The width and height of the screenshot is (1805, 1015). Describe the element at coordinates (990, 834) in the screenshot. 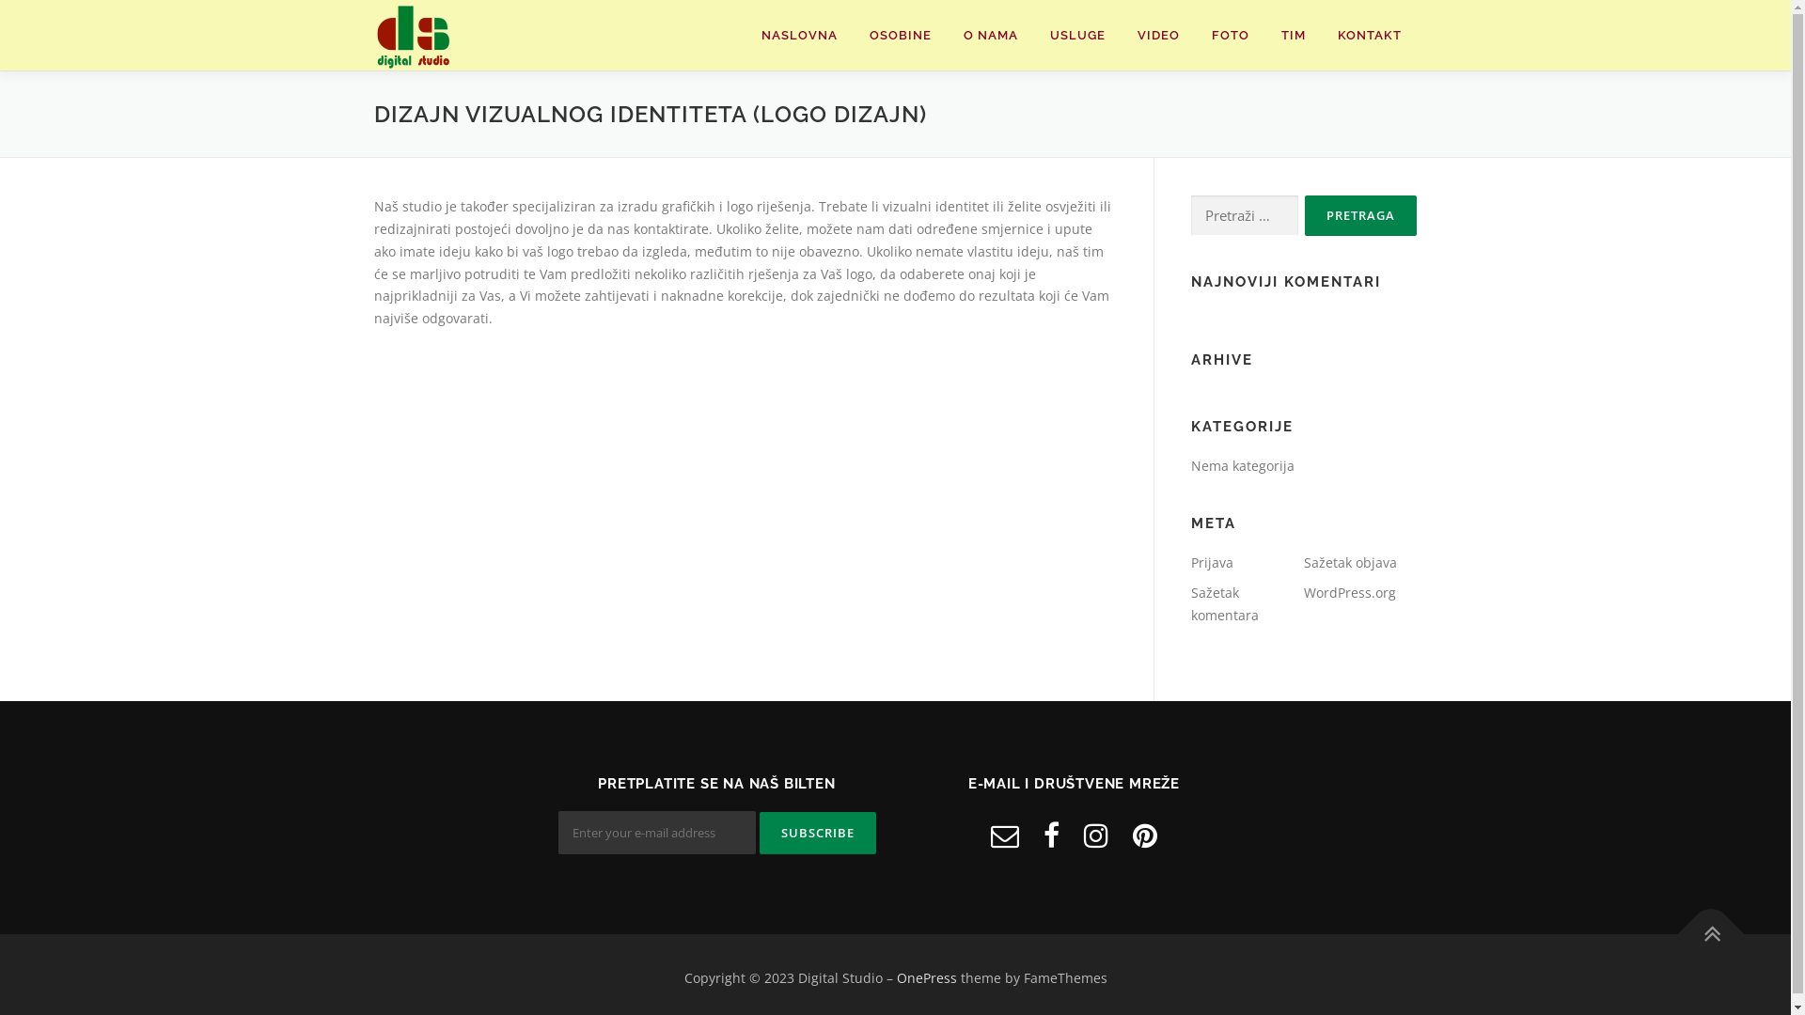

I see `'E-mail'` at that location.